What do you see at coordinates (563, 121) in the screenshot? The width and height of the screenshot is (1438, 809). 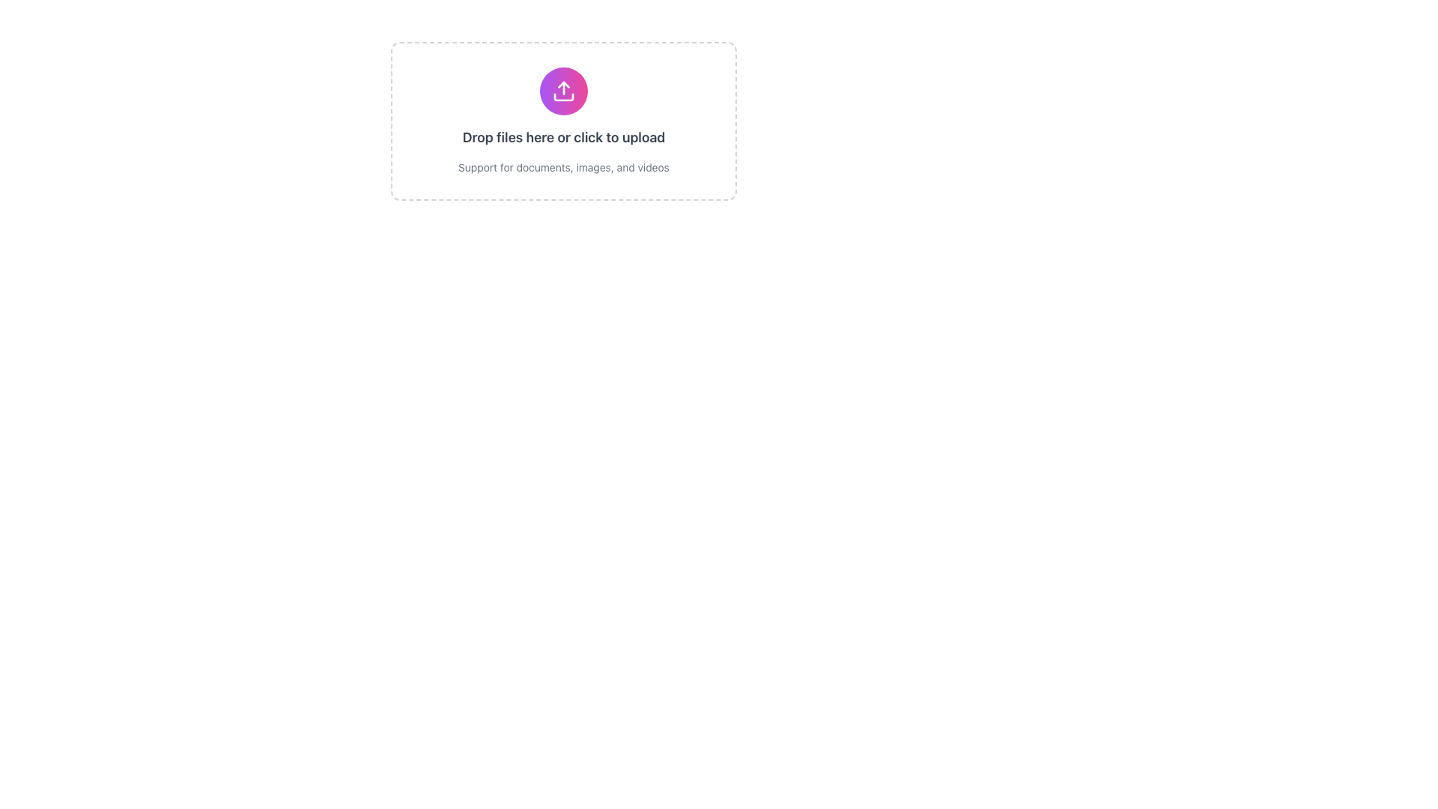 I see `the interactive file upload area element, which features a central circular button with a gradient color, an upload icon, and the text 'Drop files here or click to upload'` at bounding box center [563, 121].